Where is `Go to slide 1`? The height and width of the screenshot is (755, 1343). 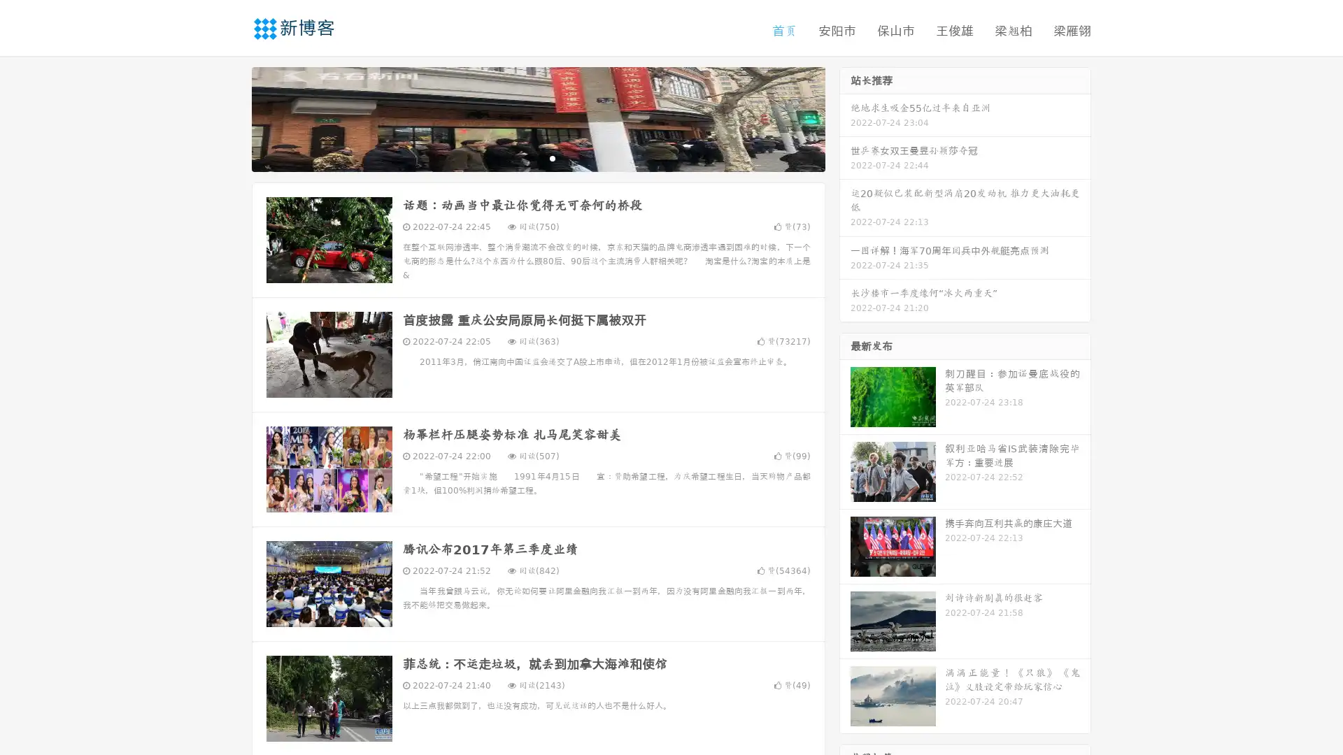
Go to slide 1 is located at coordinates (523, 157).